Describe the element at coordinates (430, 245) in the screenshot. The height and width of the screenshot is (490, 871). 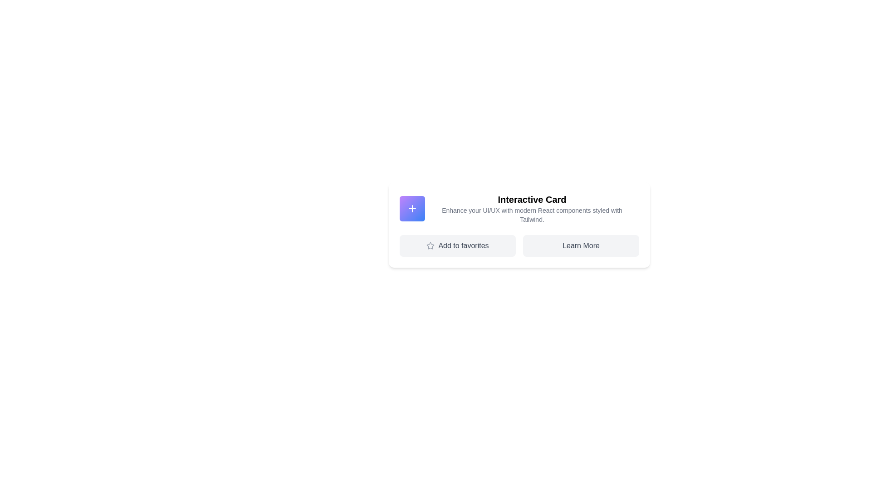
I see `the 'Add to favorites' SVG Icon located near the left section of the button` at that location.